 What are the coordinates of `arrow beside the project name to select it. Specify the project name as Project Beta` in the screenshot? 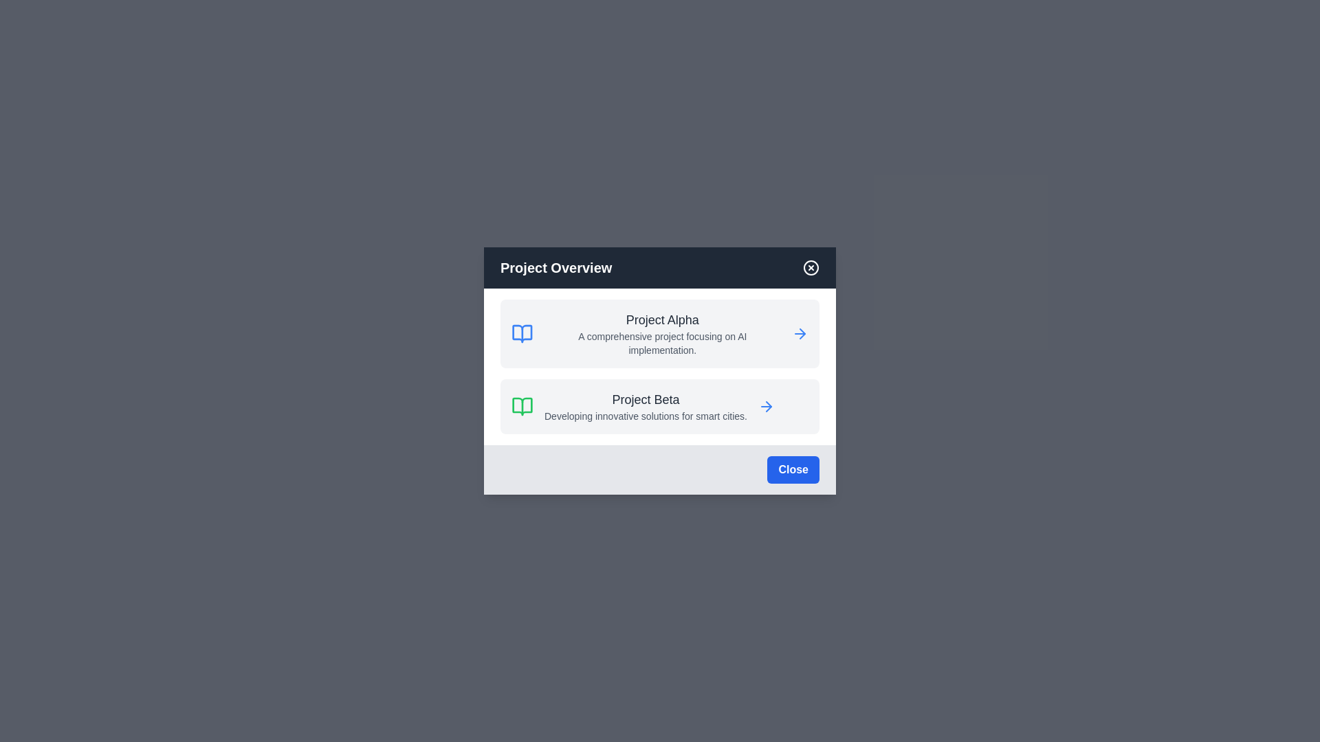 It's located at (764, 405).